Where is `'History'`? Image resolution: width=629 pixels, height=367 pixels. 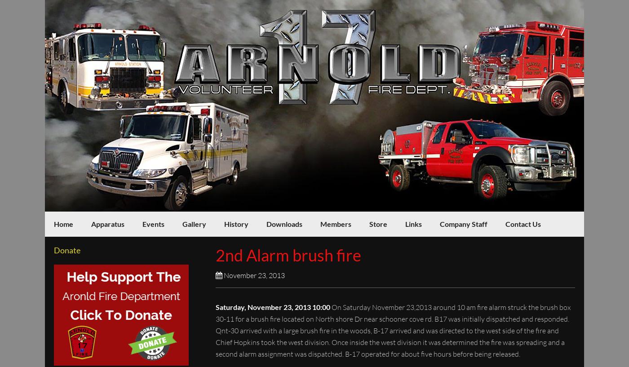
'History' is located at coordinates (236, 223).